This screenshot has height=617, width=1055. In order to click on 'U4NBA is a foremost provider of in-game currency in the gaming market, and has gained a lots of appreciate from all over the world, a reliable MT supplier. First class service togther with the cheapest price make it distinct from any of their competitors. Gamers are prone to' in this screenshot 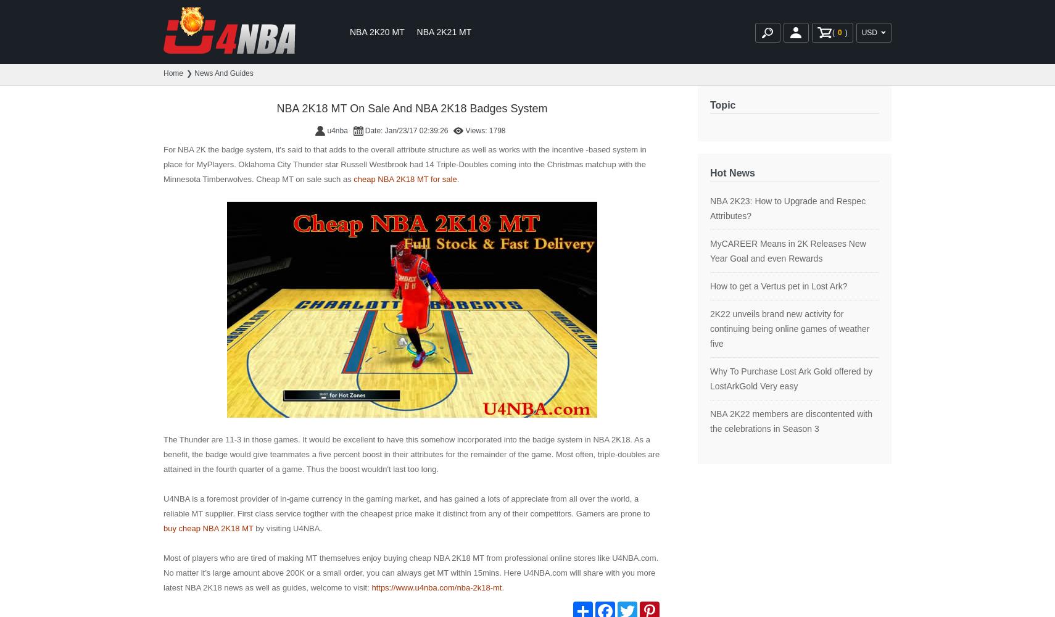, I will do `click(407, 505)`.